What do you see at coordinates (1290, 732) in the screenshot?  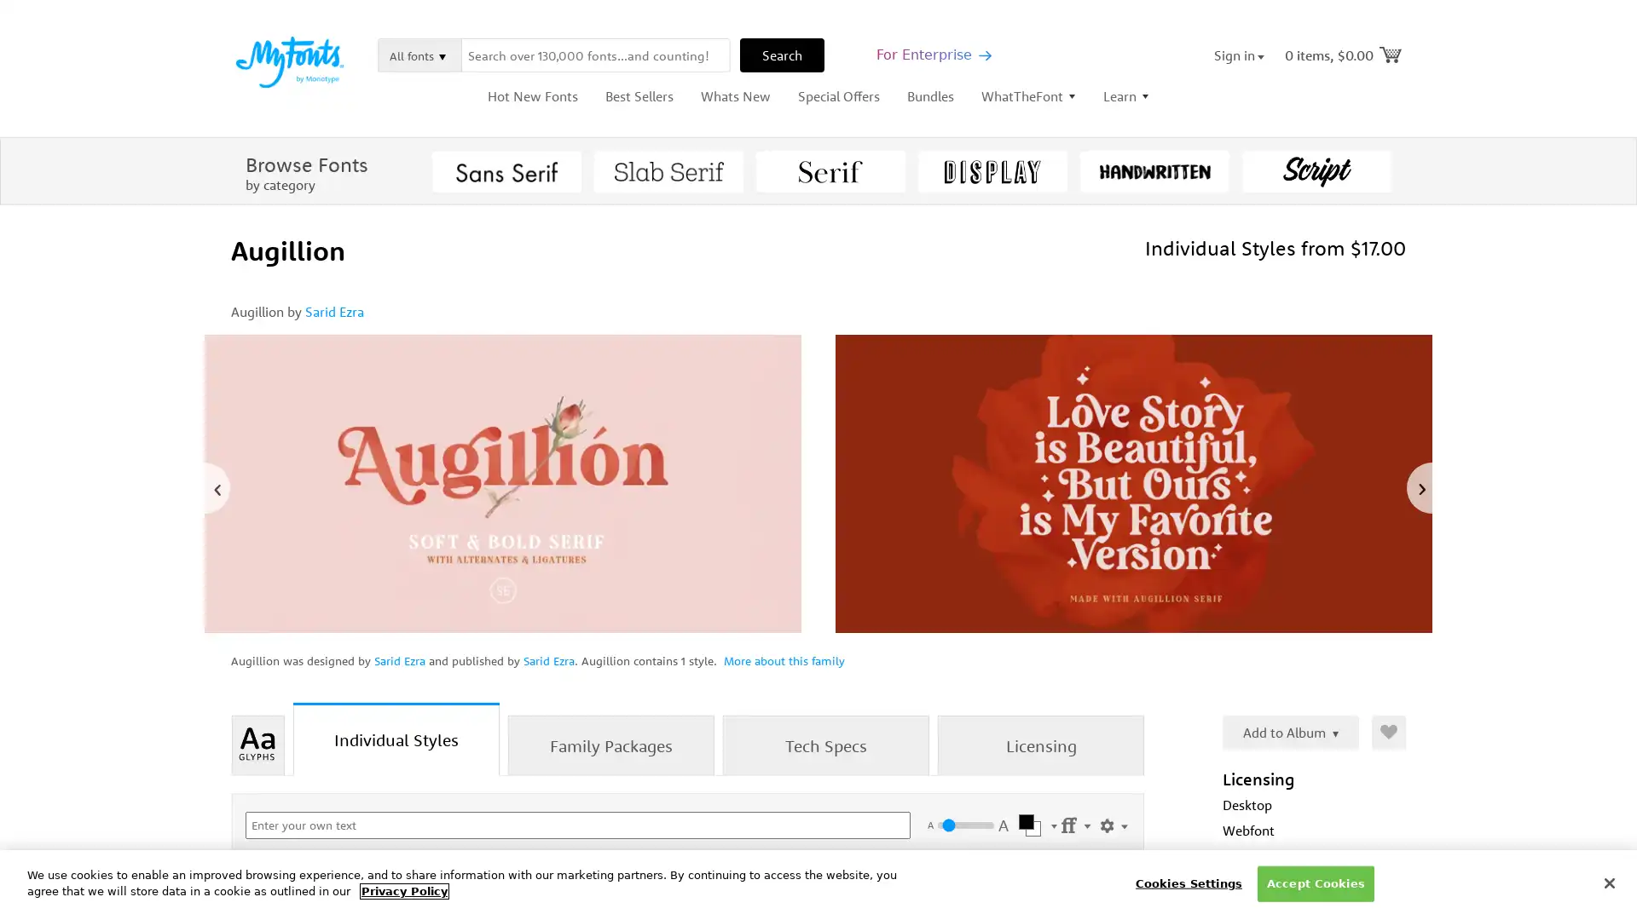 I see `Add to Album` at bounding box center [1290, 732].